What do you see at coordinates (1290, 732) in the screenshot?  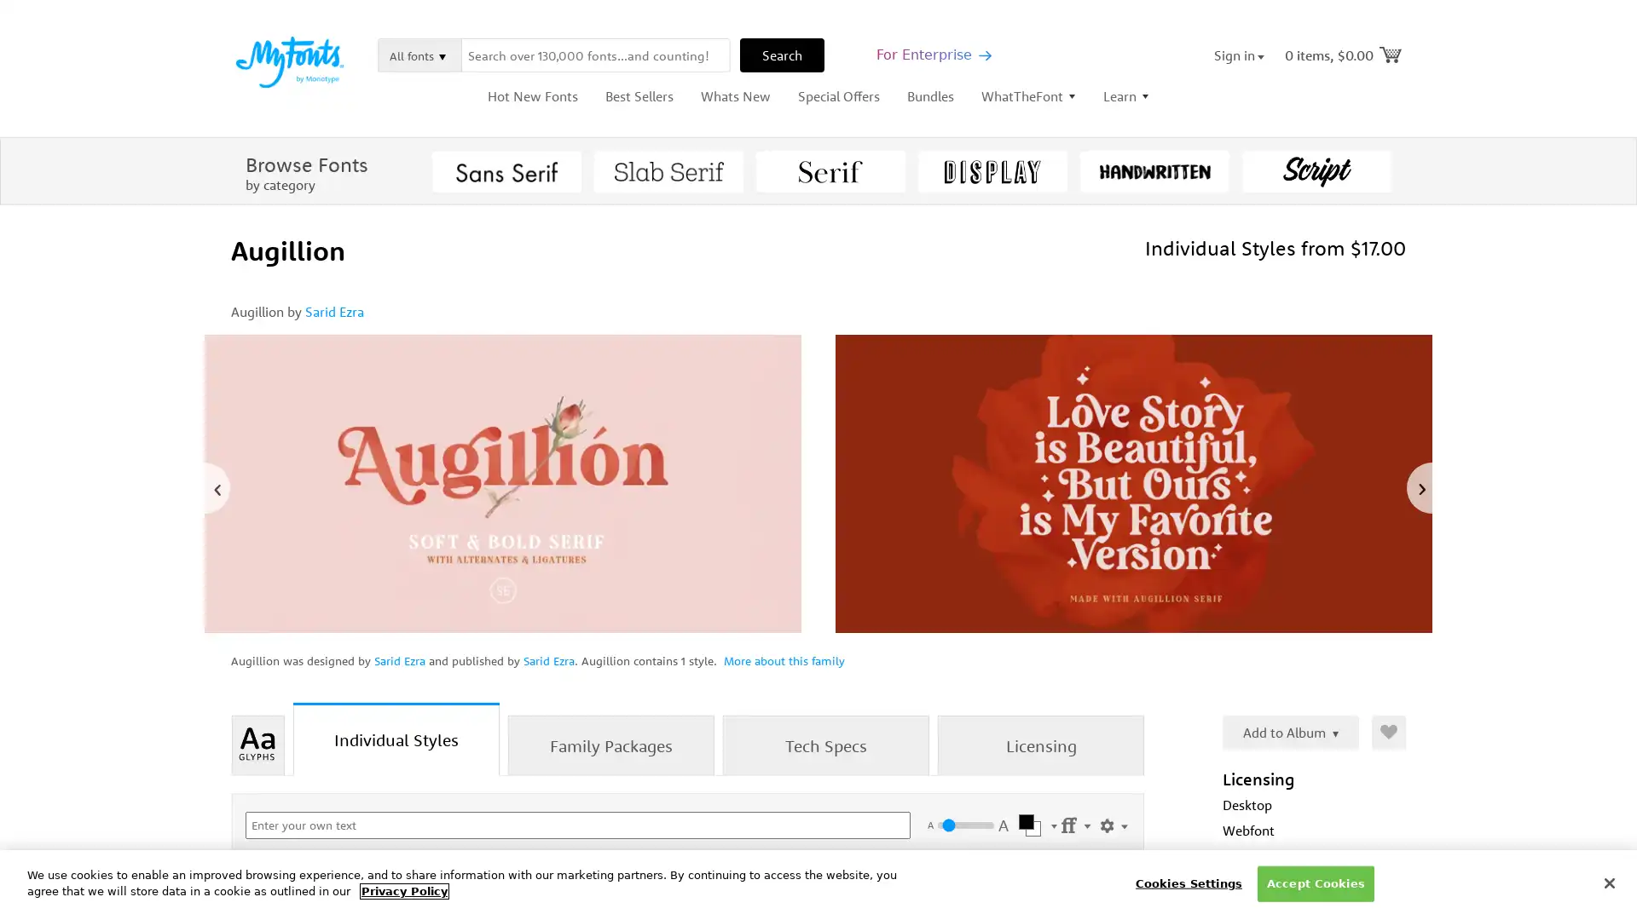 I see `Add to Album` at bounding box center [1290, 732].